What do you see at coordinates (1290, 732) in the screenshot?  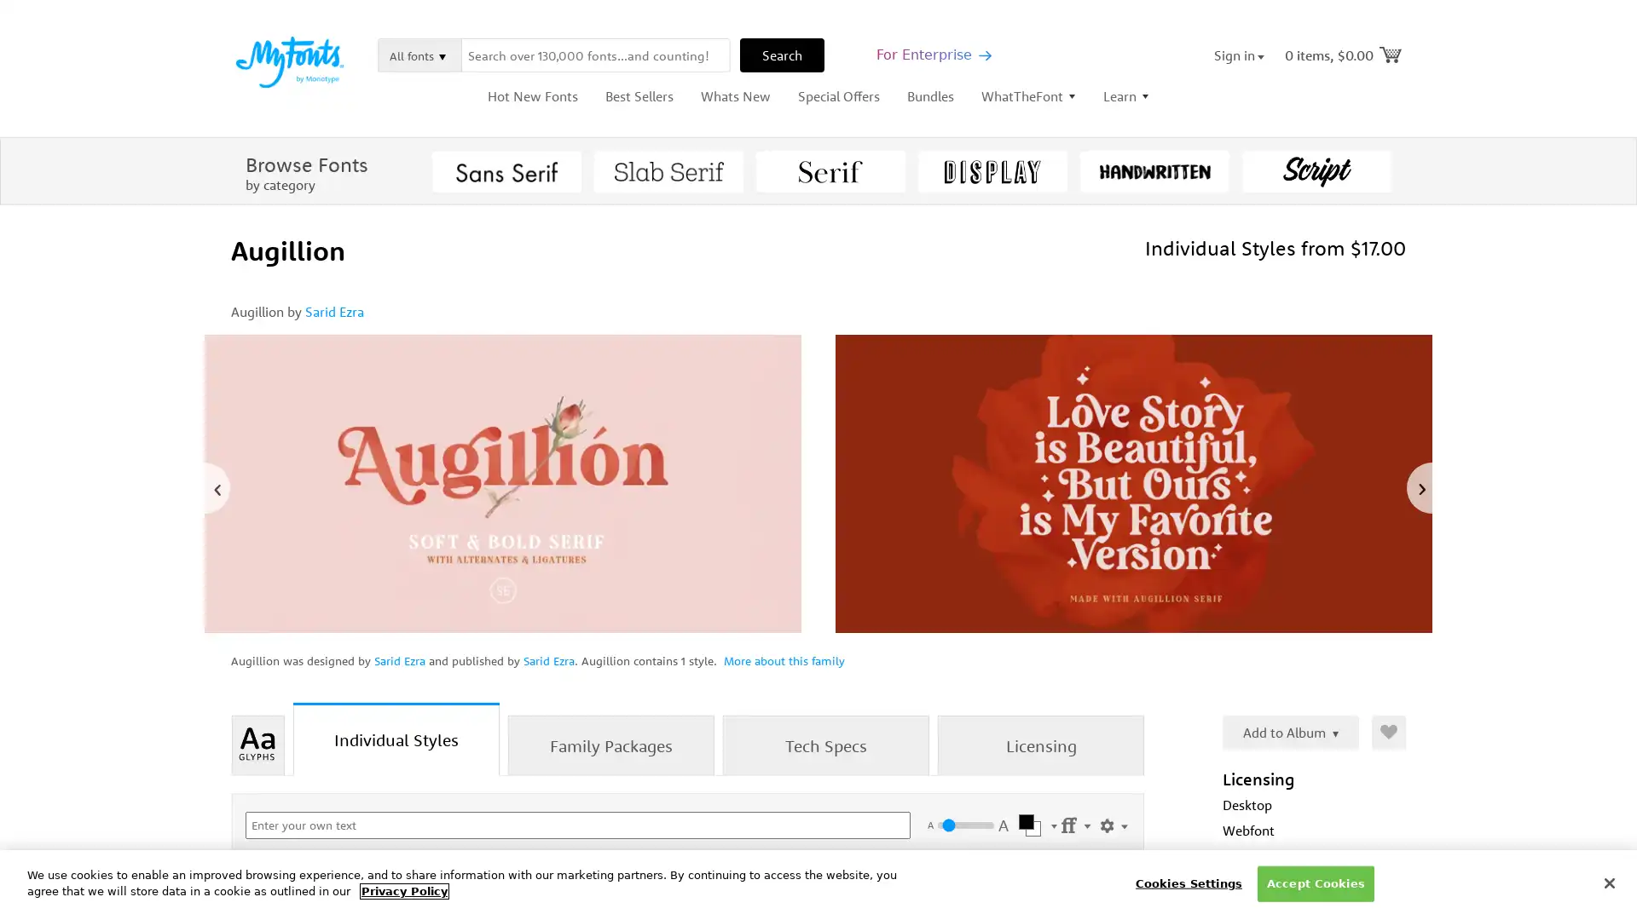 I see `Add to Album` at bounding box center [1290, 732].